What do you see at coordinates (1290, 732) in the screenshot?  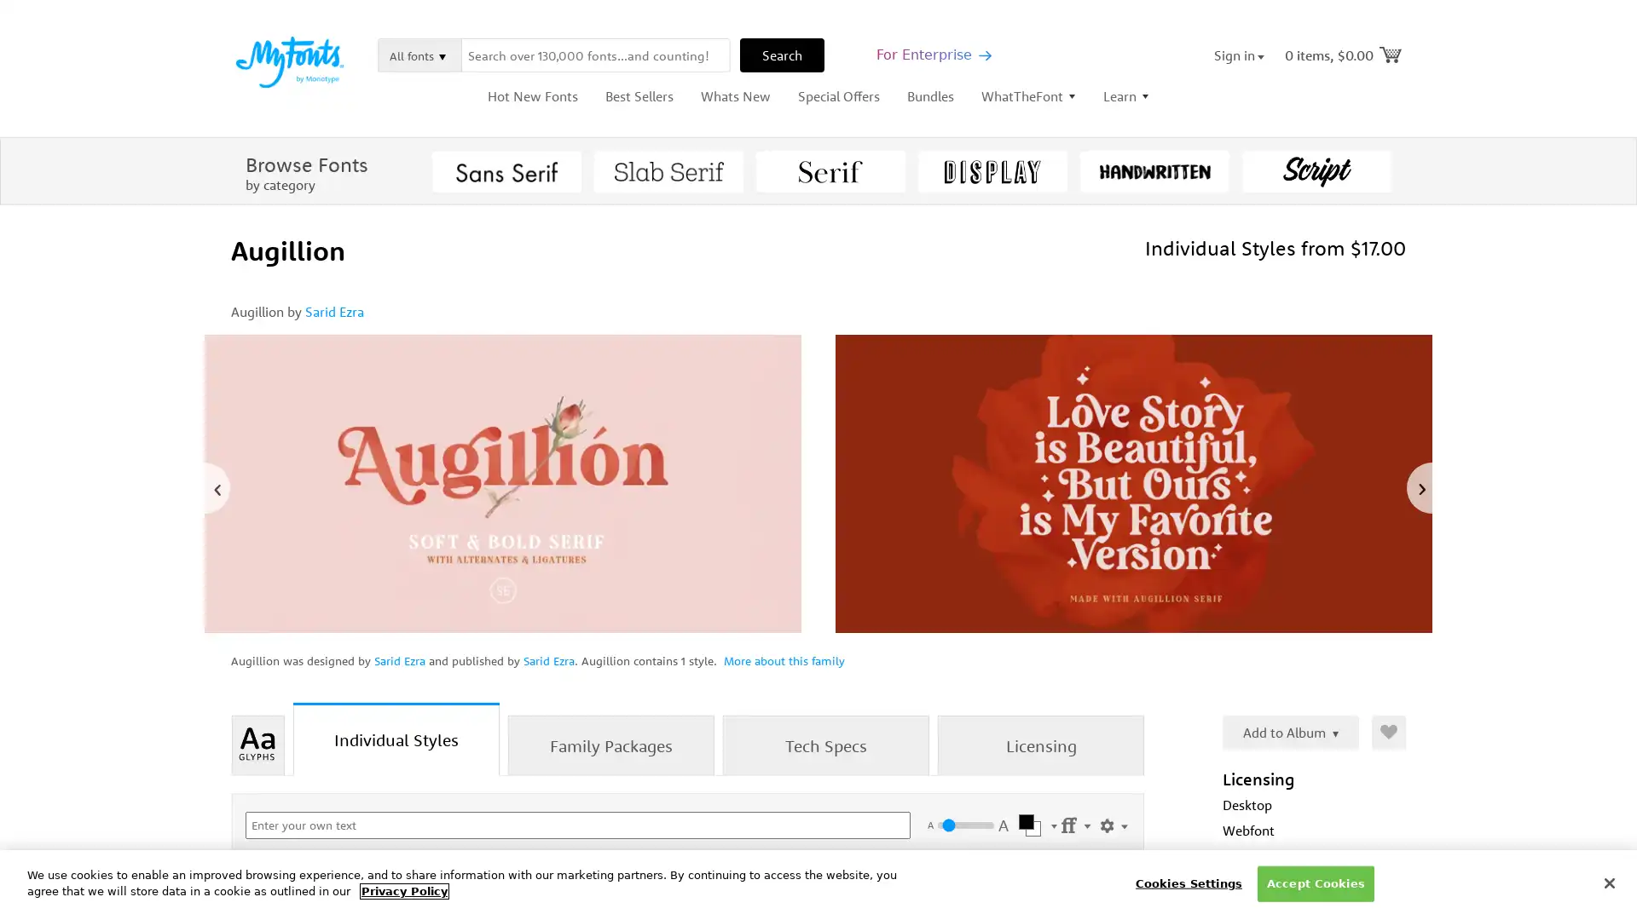 I see `Add to Album` at bounding box center [1290, 732].